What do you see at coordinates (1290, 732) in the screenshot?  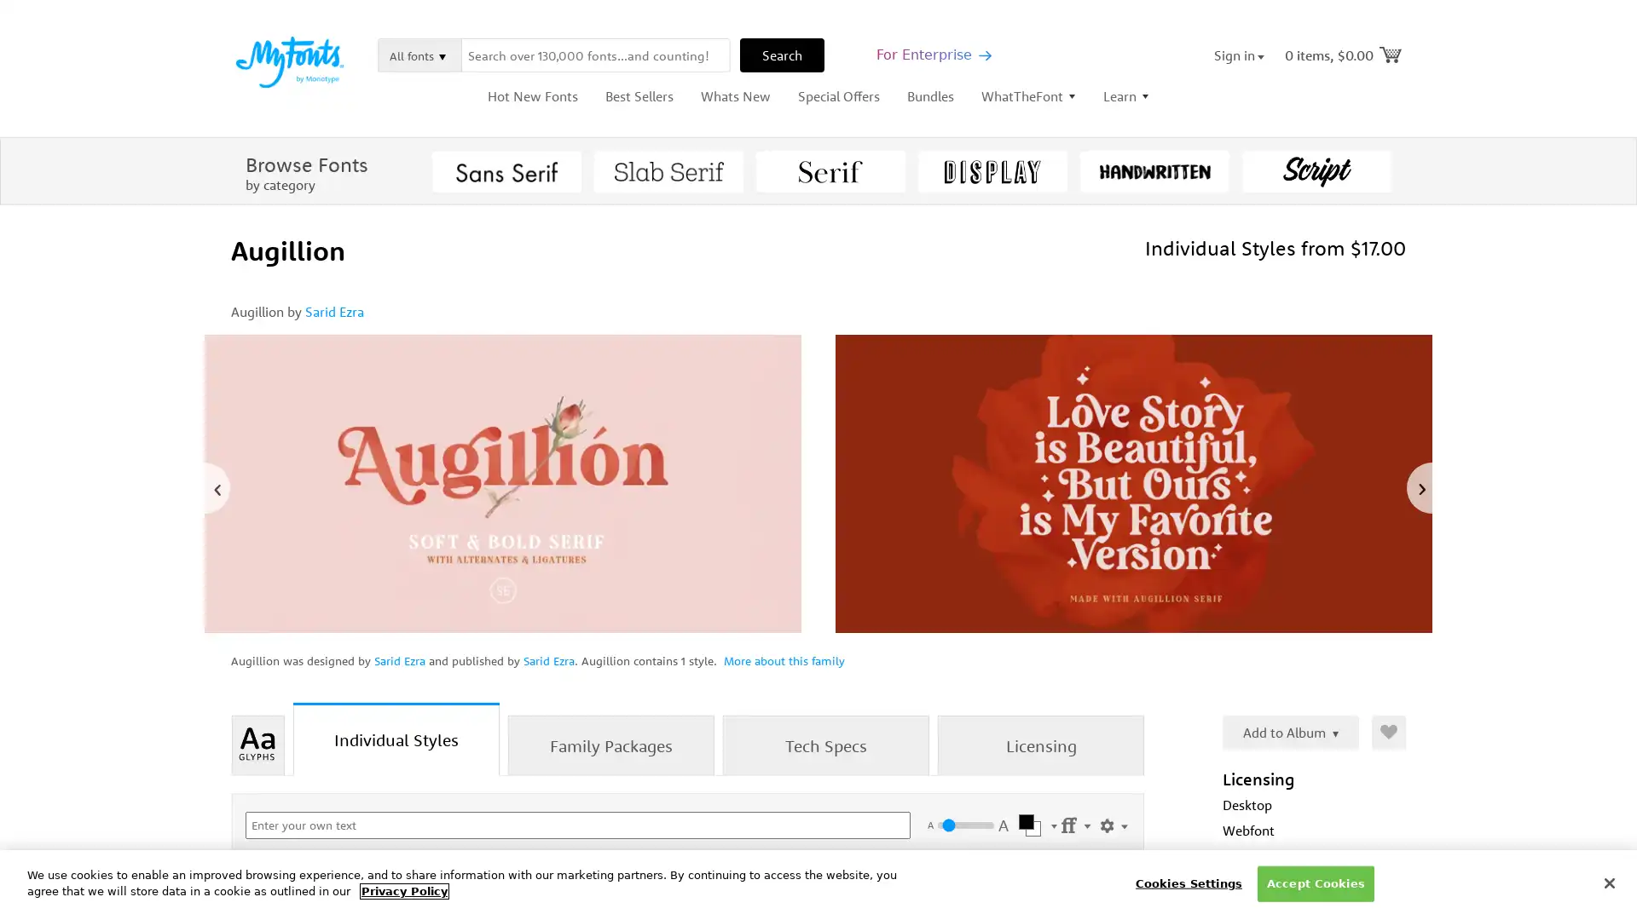 I see `Add to Album` at bounding box center [1290, 732].